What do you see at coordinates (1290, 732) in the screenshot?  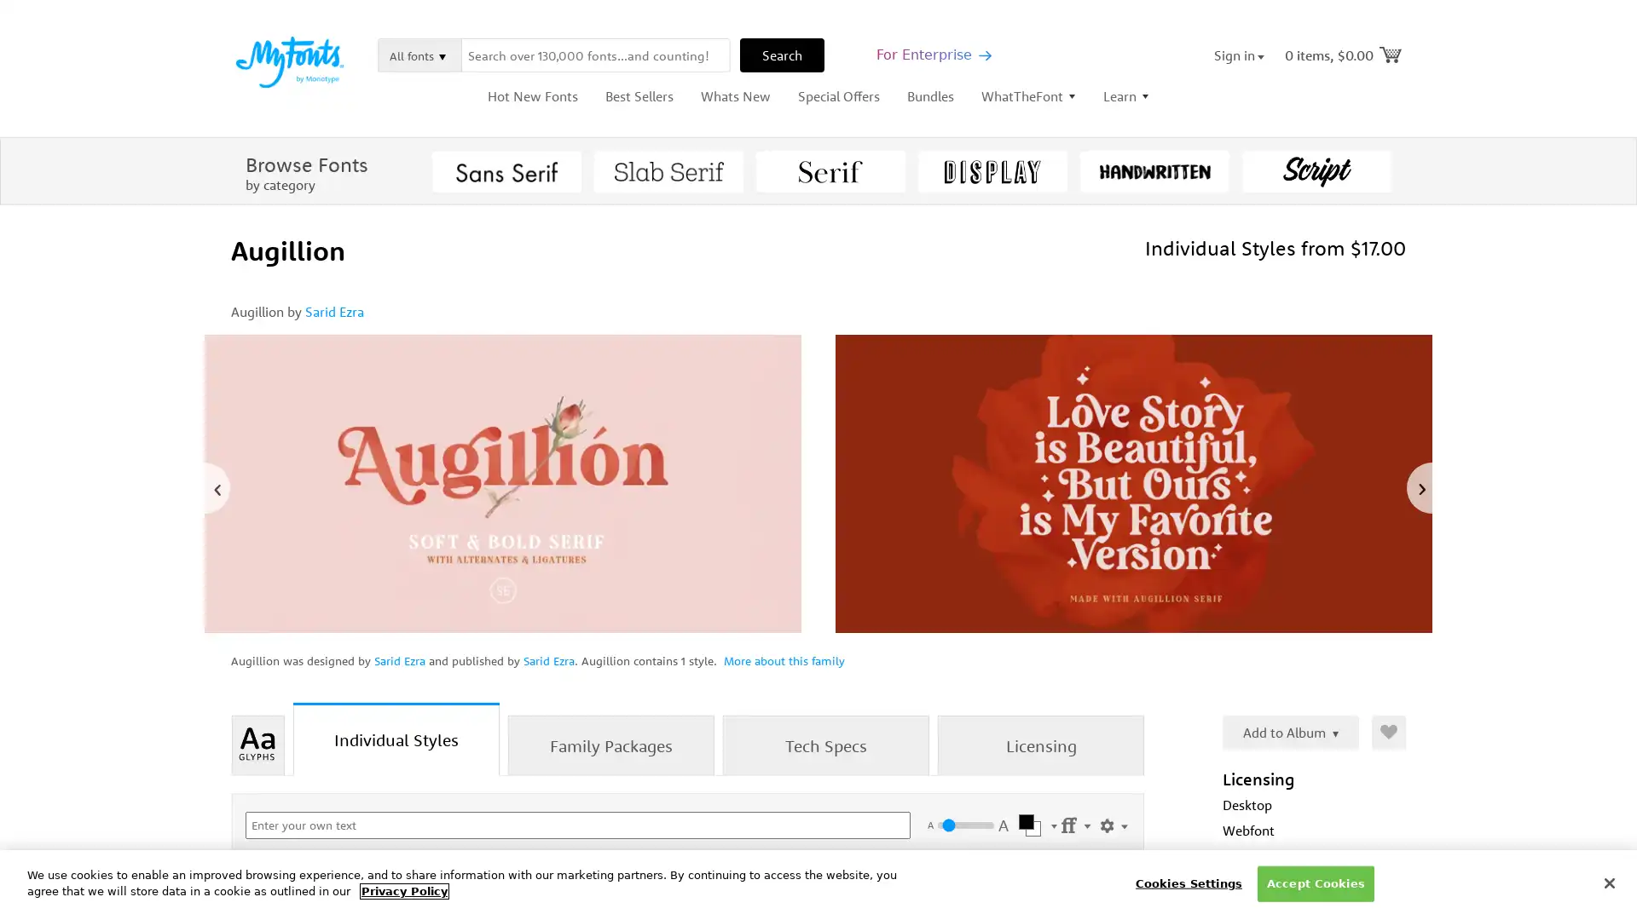 I see `Add to Album` at bounding box center [1290, 732].